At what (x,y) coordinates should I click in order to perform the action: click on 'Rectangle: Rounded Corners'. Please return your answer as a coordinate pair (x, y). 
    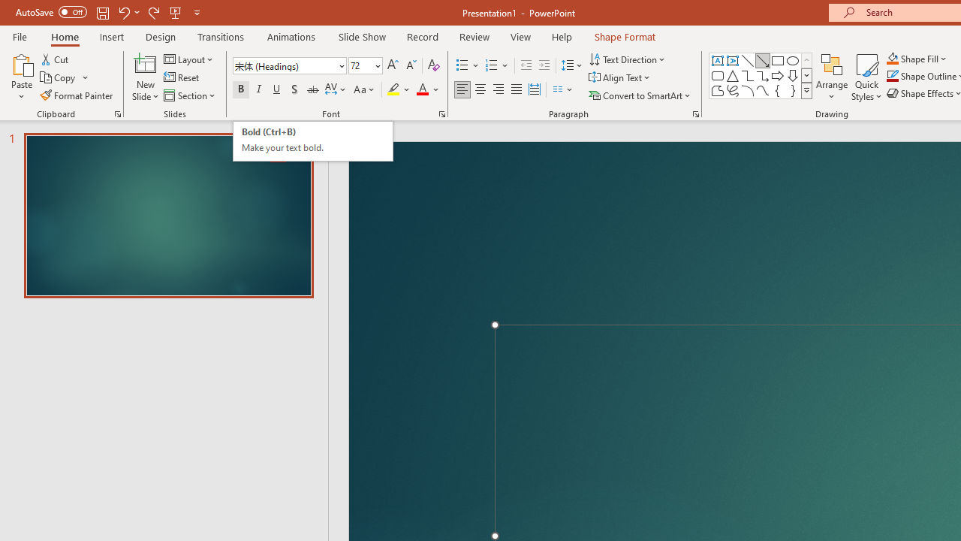
    Looking at the image, I should click on (717, 75).